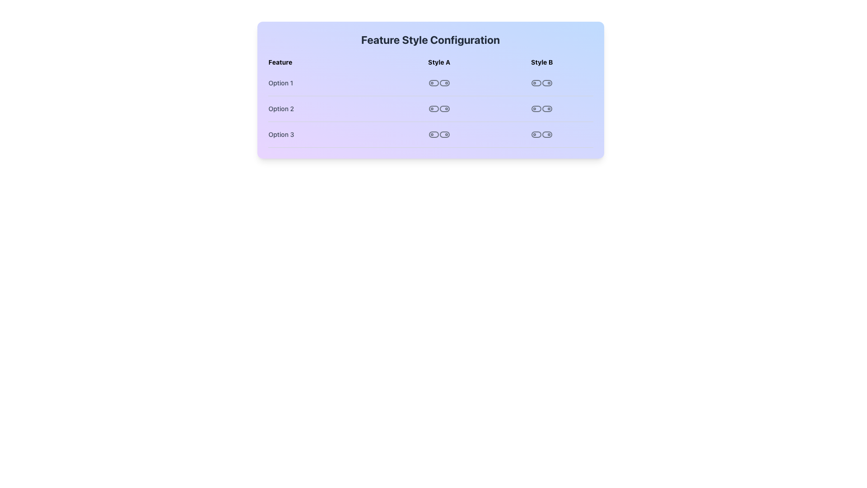 The width and height of the screenshot is (867, 488). I want to click on the toggle switch for 'Style A' located in the second row of the table, so click(444, 108).